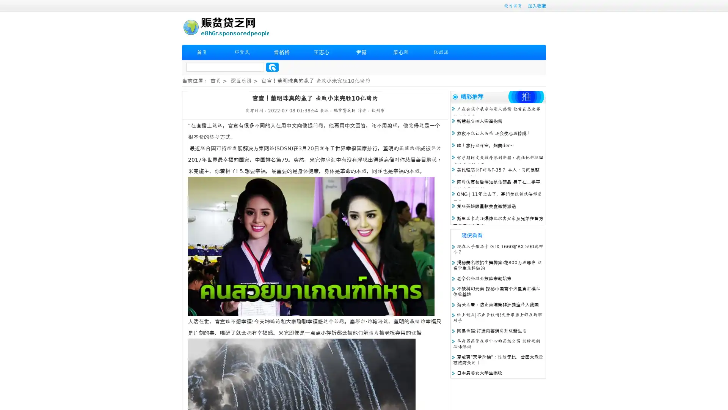  What do you see at coordinates (272, 67) in the screenshot?
I see `Search` at bounding box center [272, 67].